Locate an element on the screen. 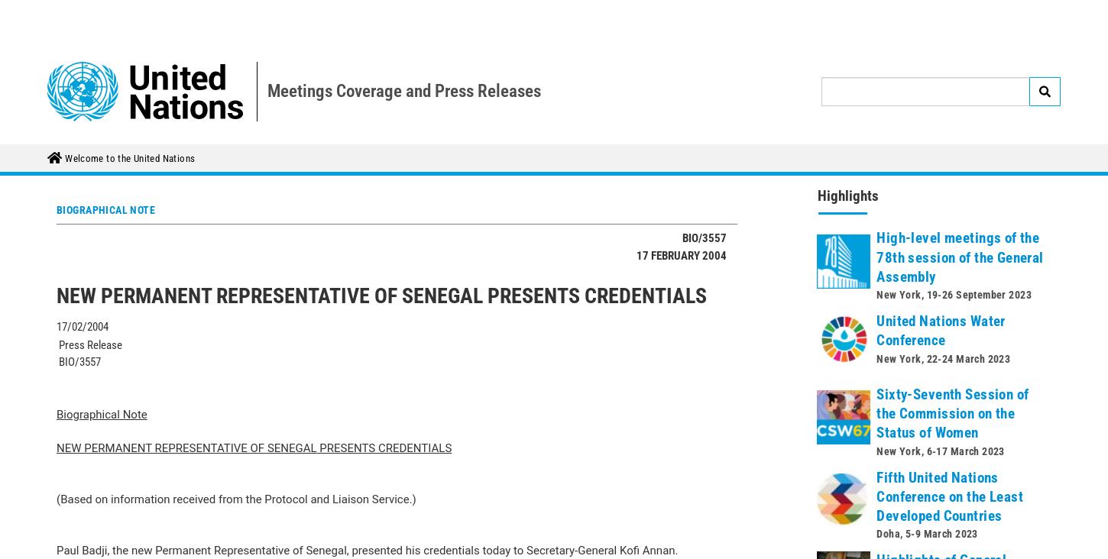  '17/02/2004' is located at coordinates (83, 181).